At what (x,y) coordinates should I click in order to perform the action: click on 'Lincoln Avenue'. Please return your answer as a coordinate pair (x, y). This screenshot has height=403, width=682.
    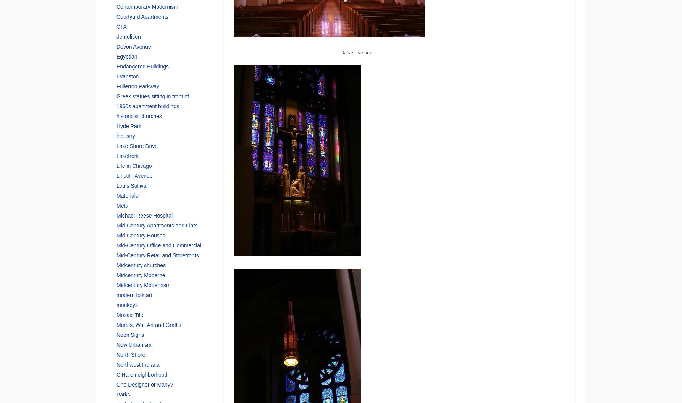
    Looking at the image, I should click on (134, 175).